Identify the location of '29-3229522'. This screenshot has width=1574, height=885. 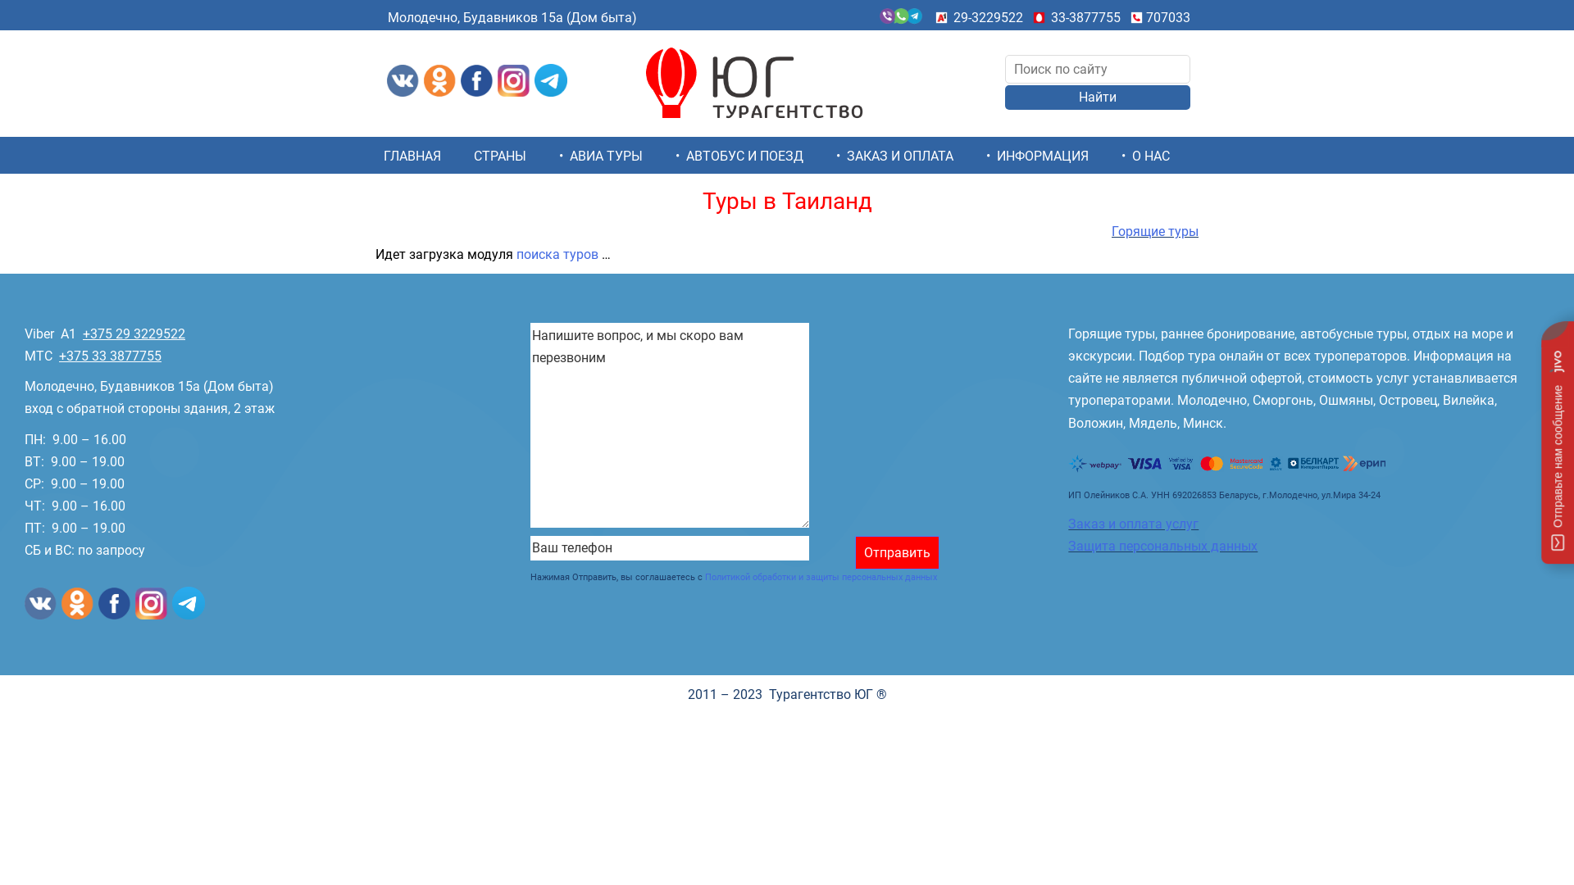
(987, 17).